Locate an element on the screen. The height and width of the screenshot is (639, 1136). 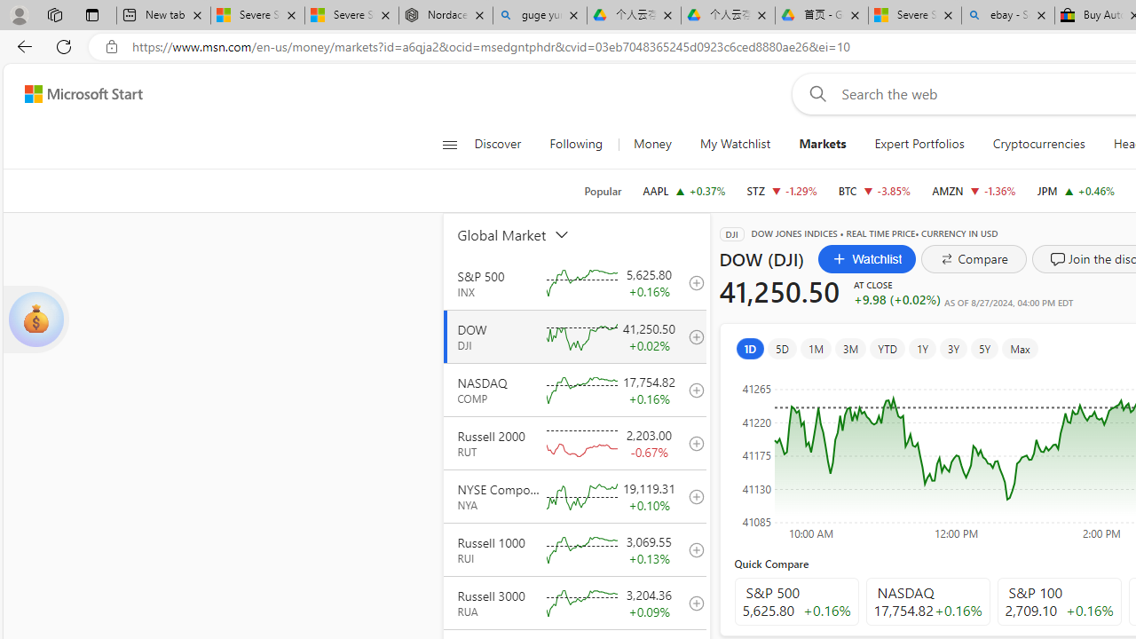
'Max' is located at coordinates (1020, 348).